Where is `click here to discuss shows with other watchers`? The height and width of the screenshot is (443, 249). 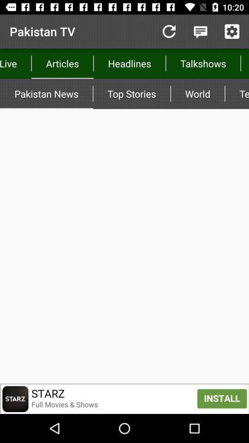 click here to discuss shows with other watchers is located at coordinates (200, 31).